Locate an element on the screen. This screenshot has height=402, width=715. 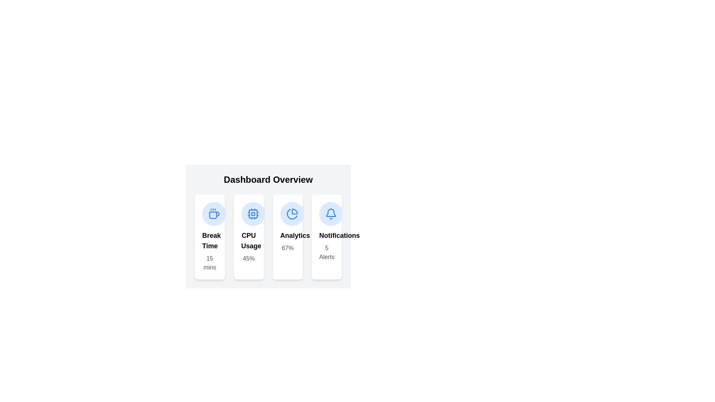
text label displaying '5 Alerts' located within the 'Notifications' card component, positioned beneath the title 'Notifications' is located at coordinates (327, 252).